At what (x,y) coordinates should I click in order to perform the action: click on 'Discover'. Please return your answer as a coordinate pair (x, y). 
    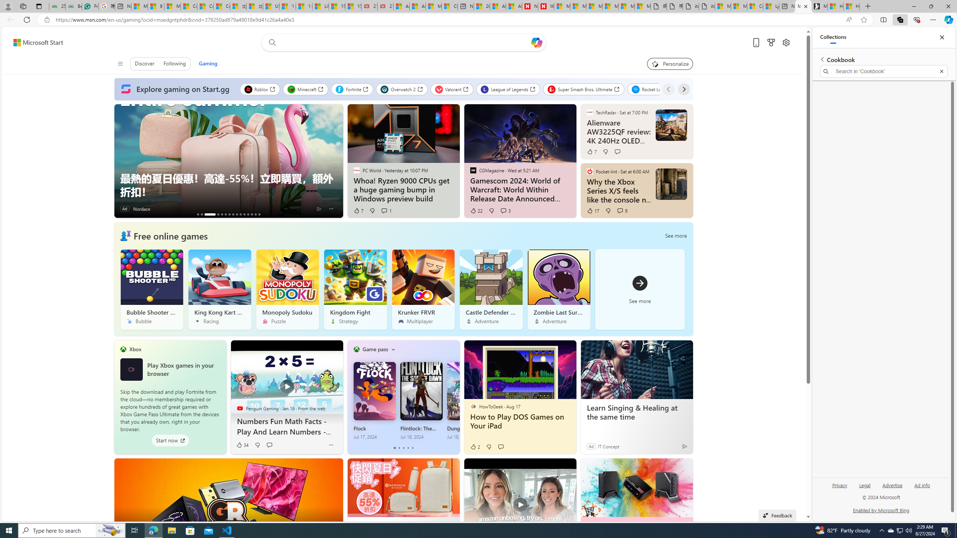
    Looking at the image, I should click on (144, 63).